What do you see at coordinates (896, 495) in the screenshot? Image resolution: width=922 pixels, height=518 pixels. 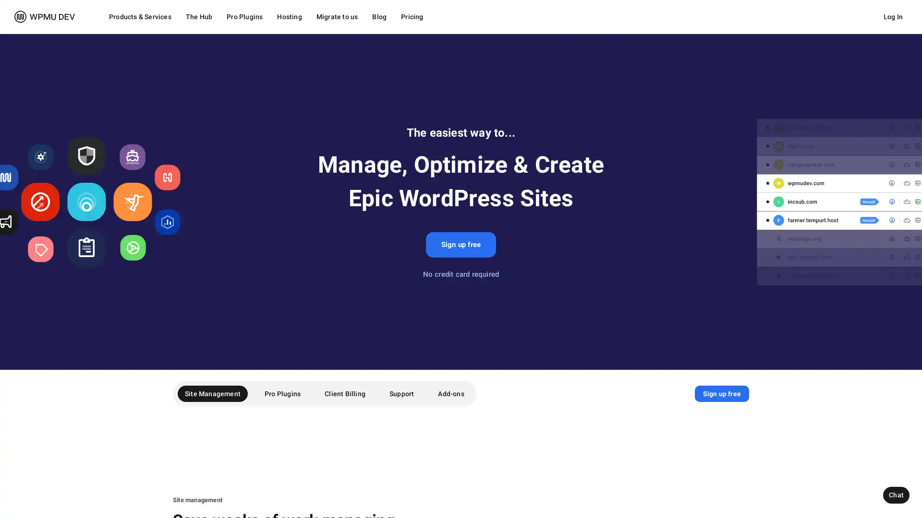 I see `Chat` at bounding box center [896, 495].